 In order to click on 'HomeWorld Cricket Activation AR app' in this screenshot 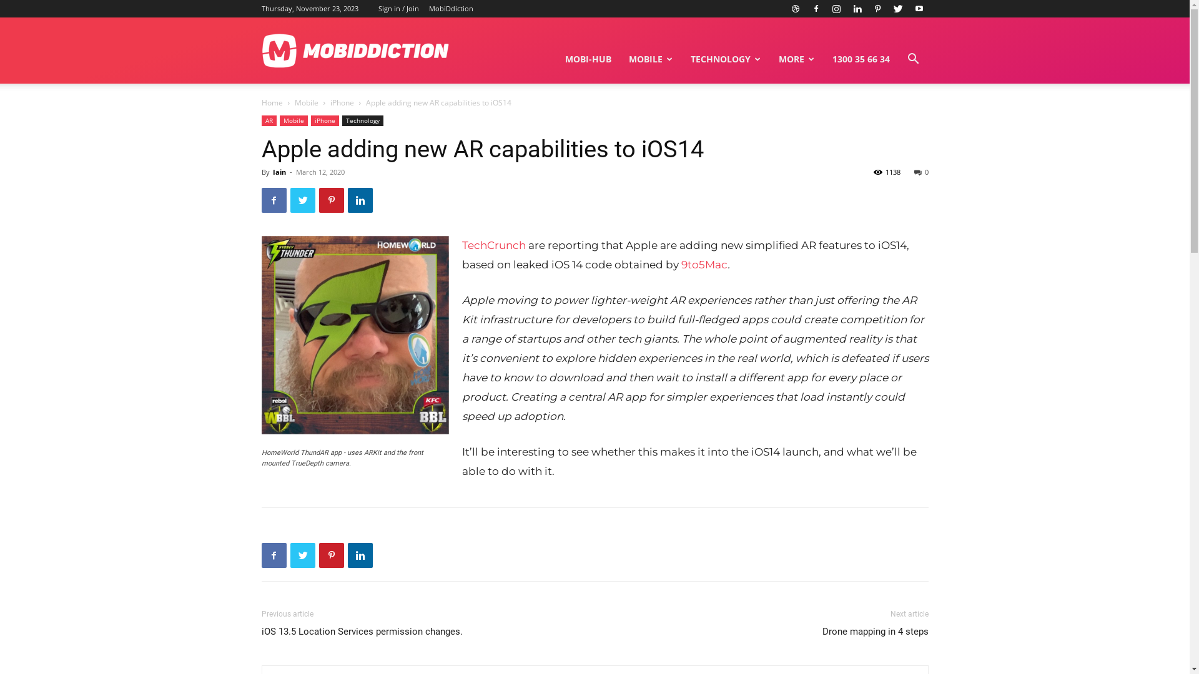, I will do `click(353, 334)`.